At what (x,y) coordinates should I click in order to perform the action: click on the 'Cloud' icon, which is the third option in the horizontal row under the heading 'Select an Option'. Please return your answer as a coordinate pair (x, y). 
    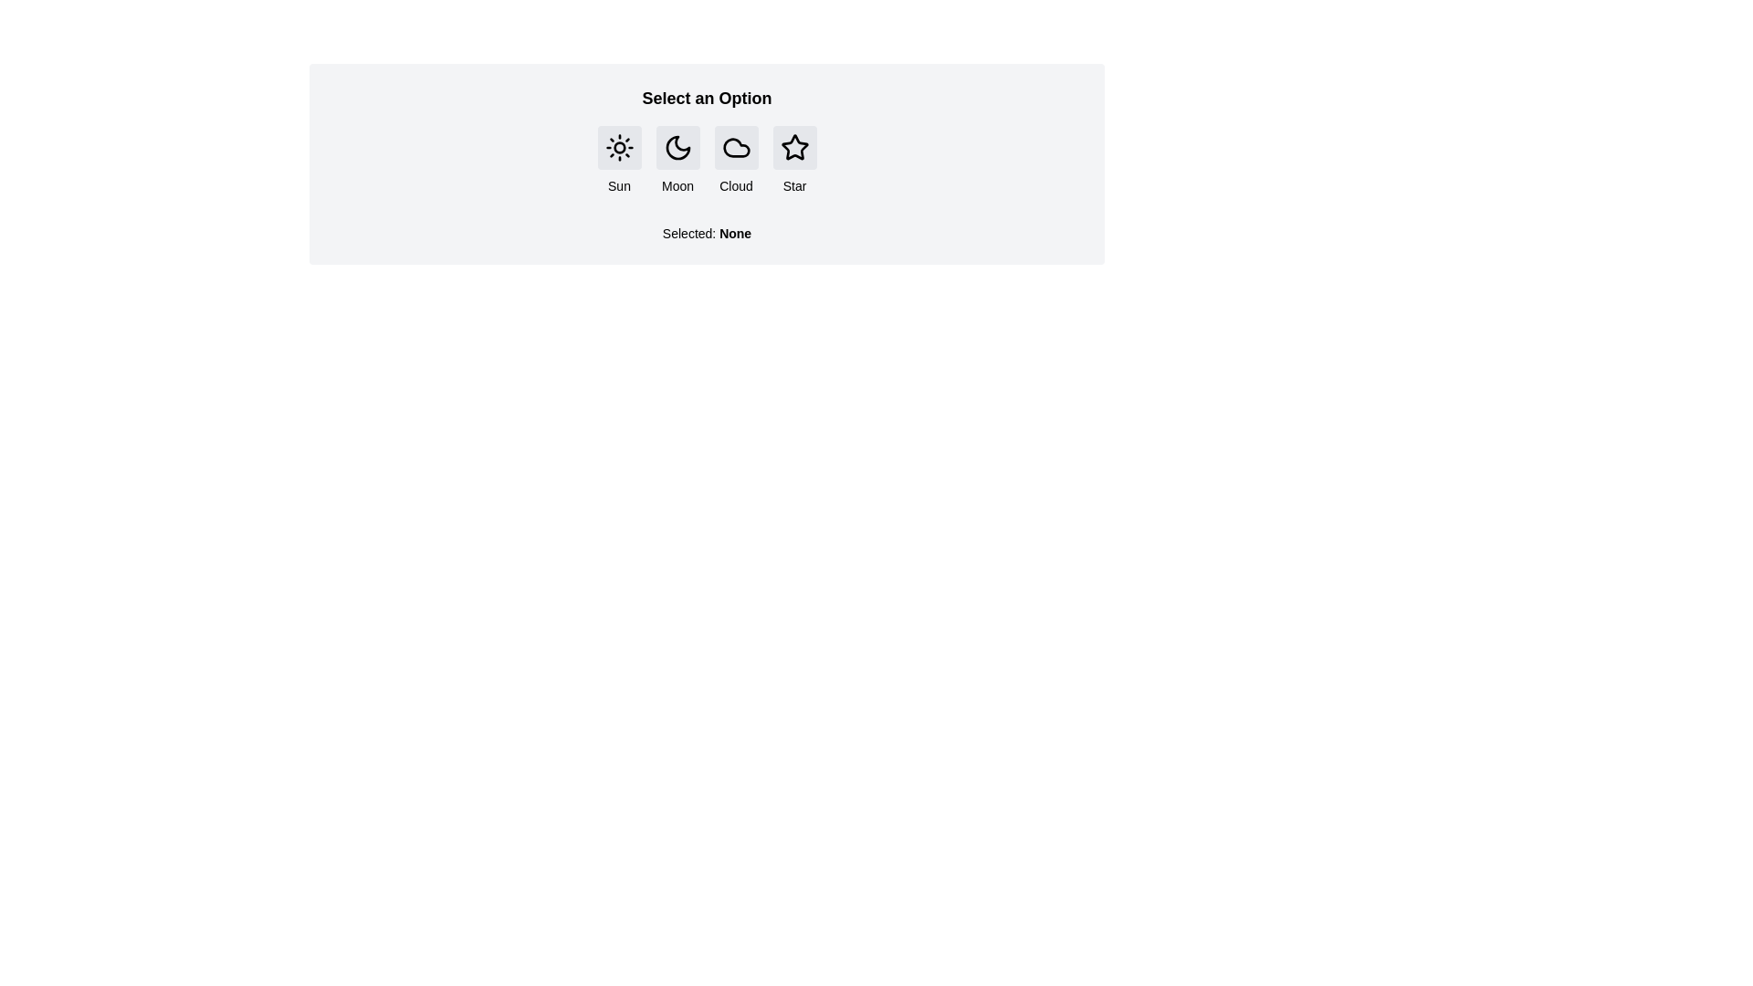
    Looking at the image, I should click on (736, 147).